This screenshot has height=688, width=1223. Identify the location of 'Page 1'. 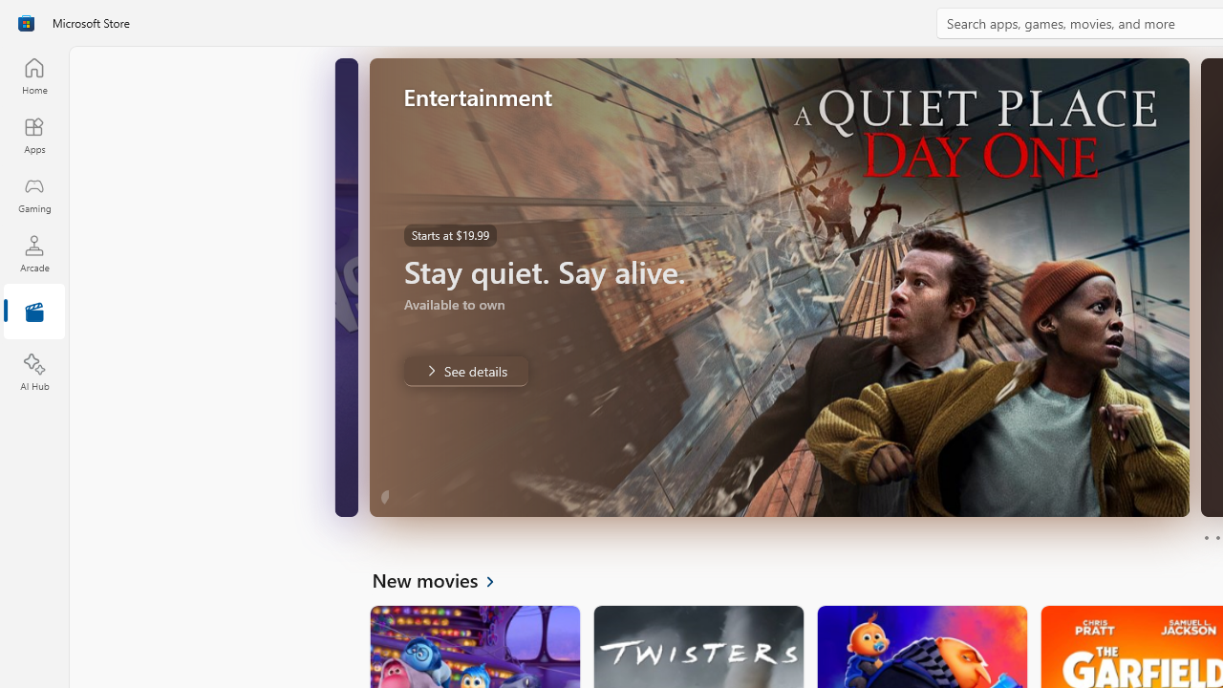
(1205, 538).